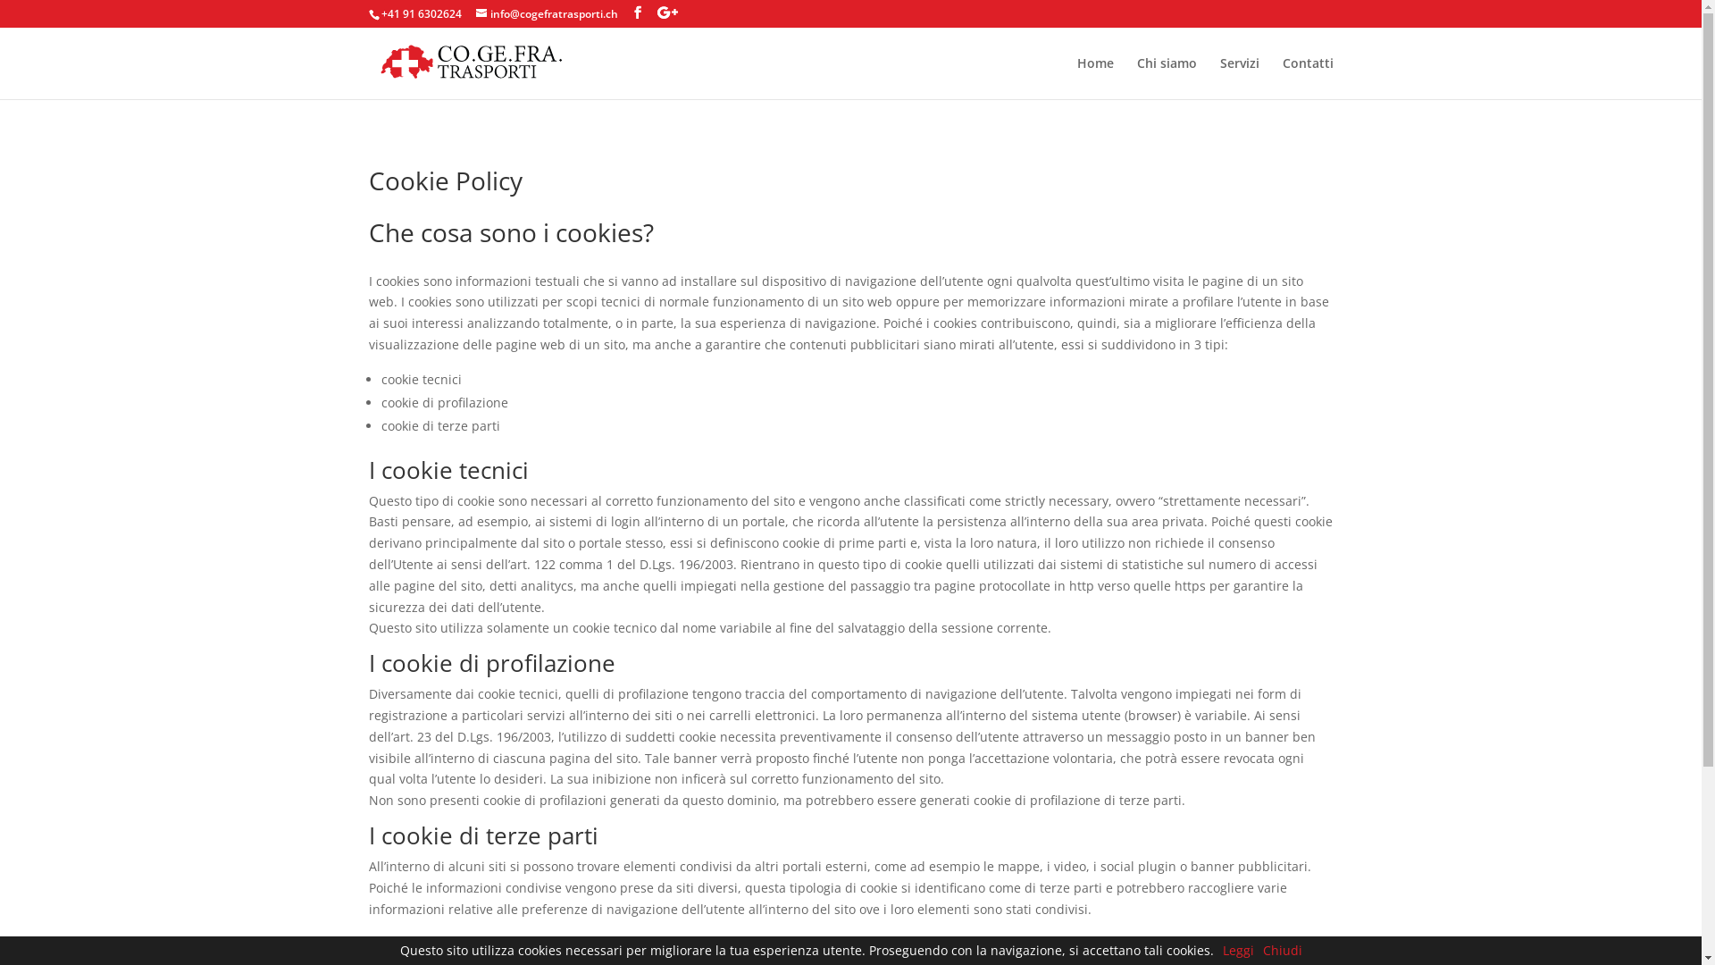 This screenshot has height=965, width=1715. What do you see at coordinates (540, 942) in the screenshot?
I see `'http://www.google.com/policies/technologies/cookies/'` at bounding box center [540, 942].